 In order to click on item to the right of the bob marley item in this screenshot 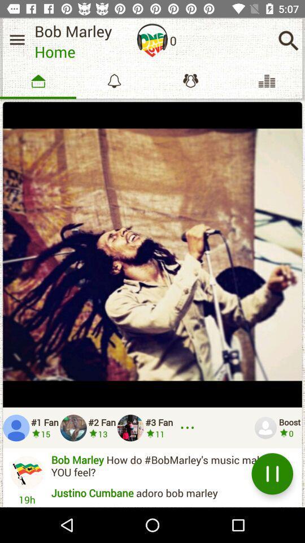, I will do `click(152, 40)`.